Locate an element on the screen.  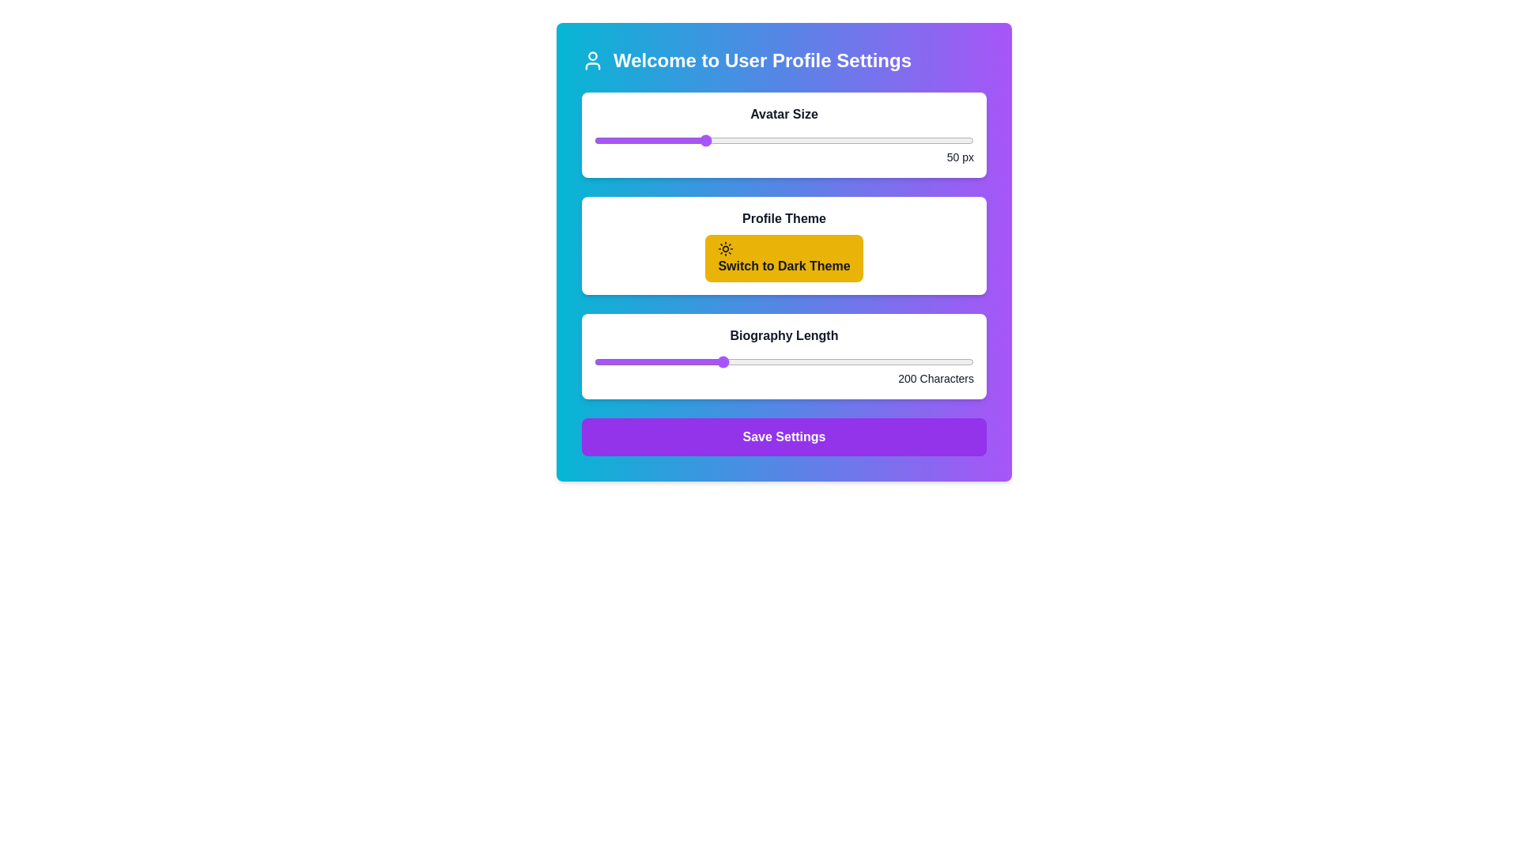
avatar size is located at coordinates (750, 139).